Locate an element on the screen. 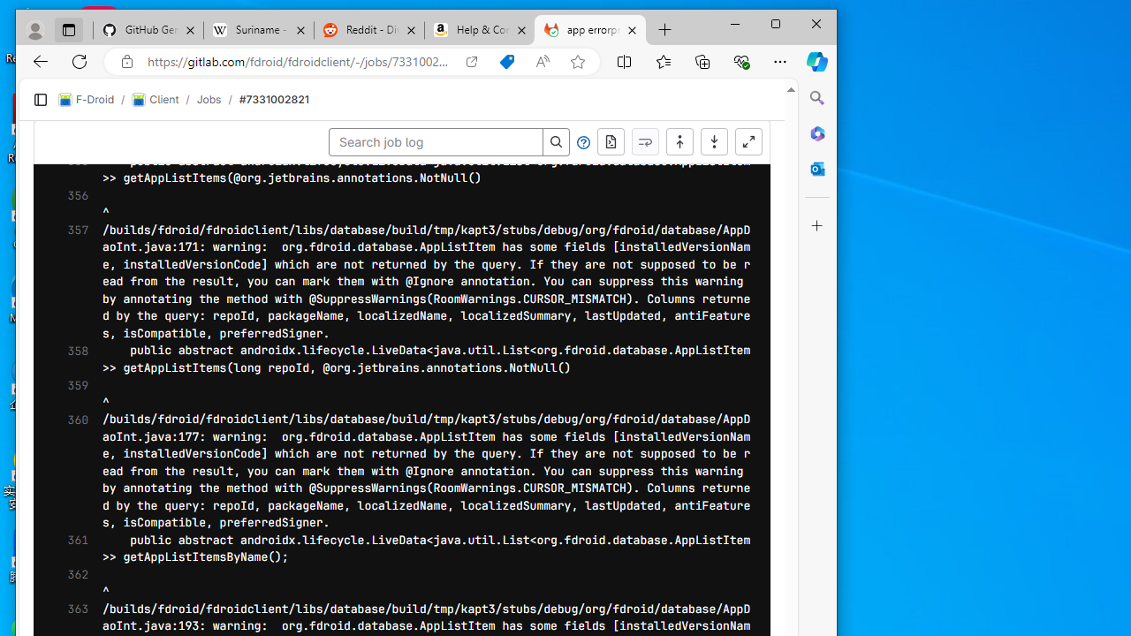  '356' is located at coordinates (72, 203).